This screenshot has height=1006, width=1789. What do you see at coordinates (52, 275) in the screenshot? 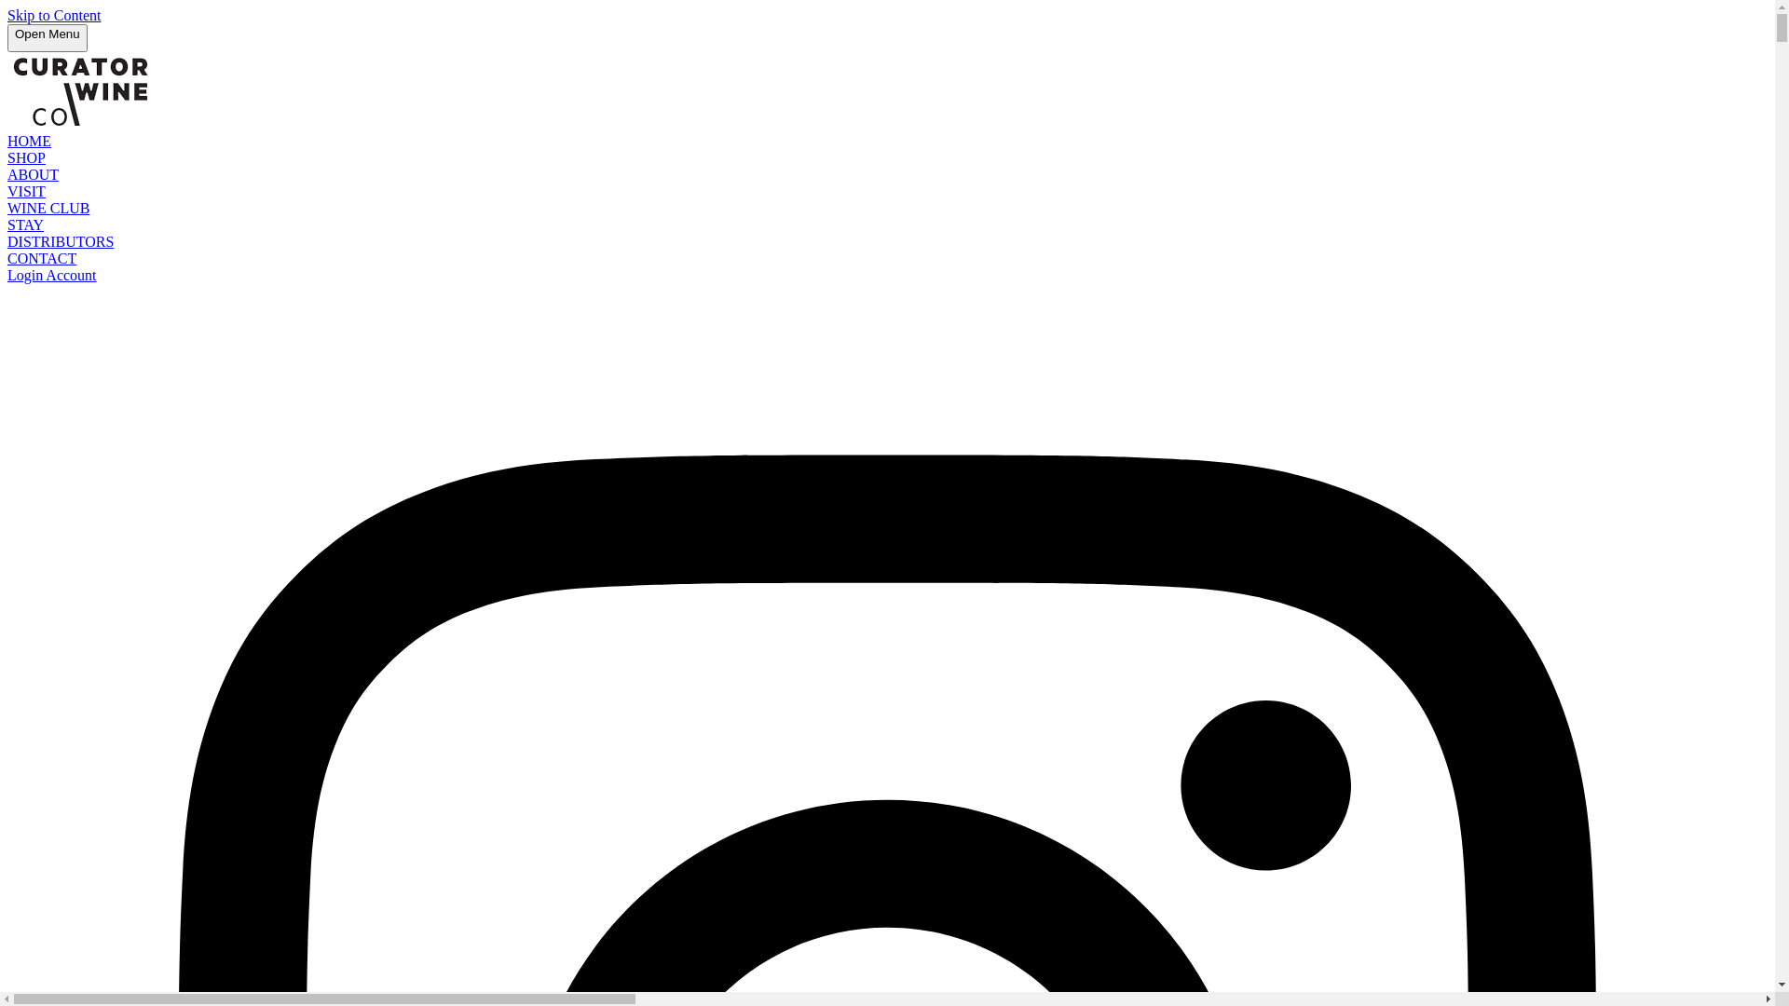
I see `'Login Account'` at bounding box center [52, 275].